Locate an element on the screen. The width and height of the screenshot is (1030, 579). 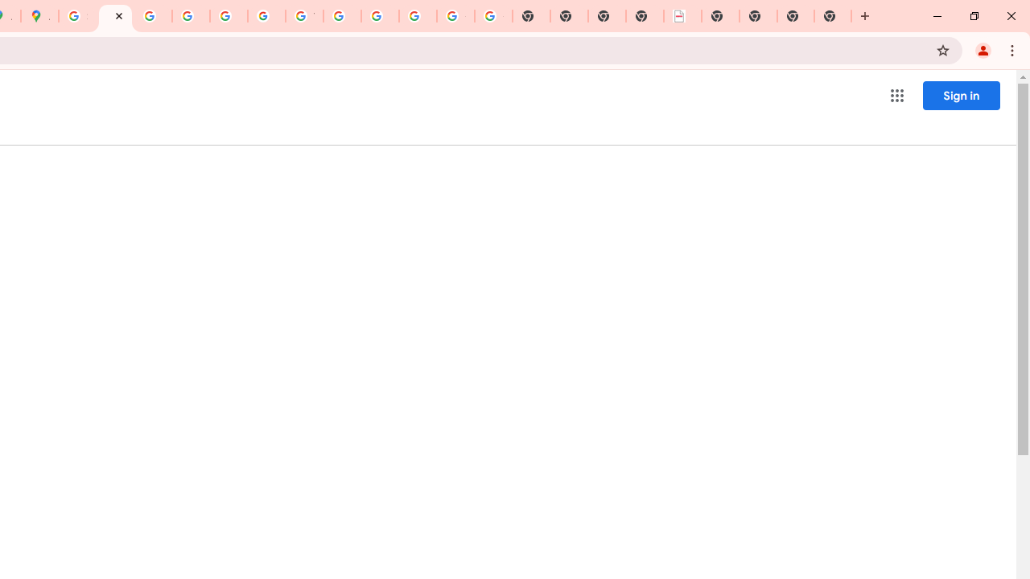
'New Tab' is located at coordinates (796, 16).